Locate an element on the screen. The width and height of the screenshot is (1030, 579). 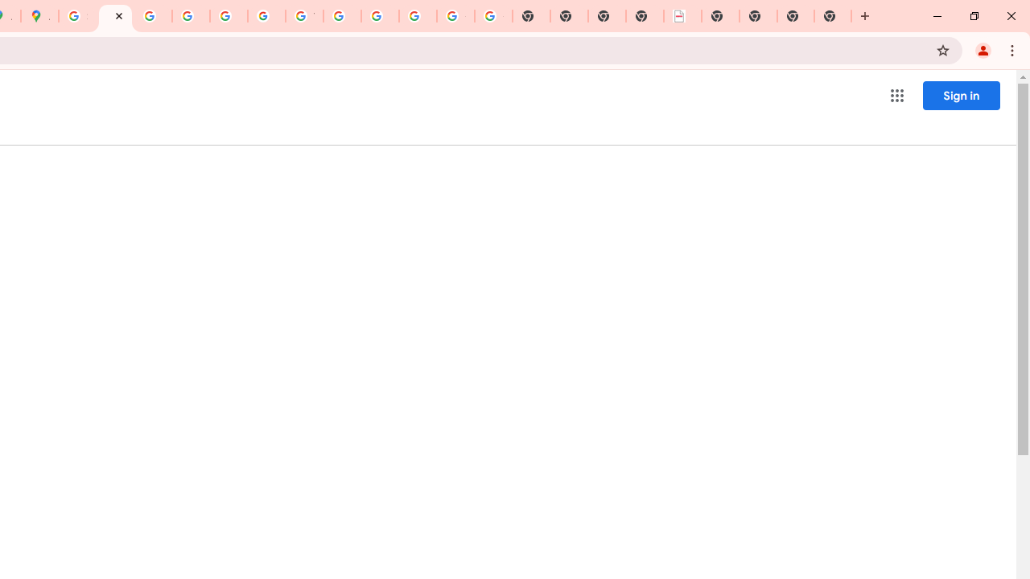
'New Tab' is located at coordinates (796, 16).